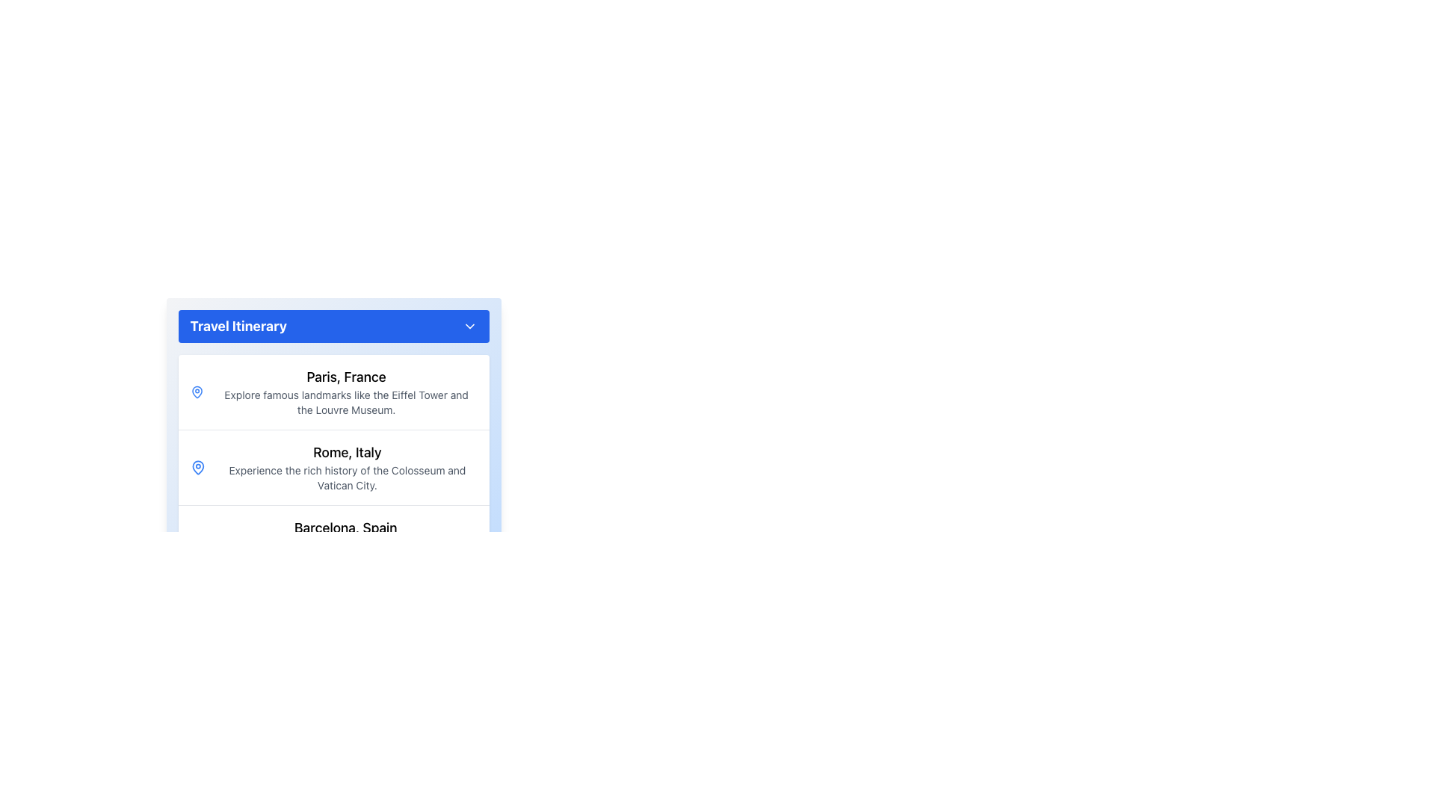 This screenshot has width=1435, height=807. What do you see at coordinates (469, 325) in the screenshot?
I see `the downward-pointing chevron arrow icon located in the upper-right corner of the blue header section labeled 'Travel Itinerary'` at bounding box center [469, 325].